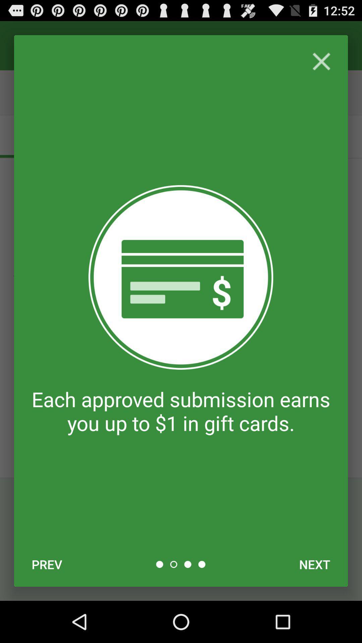 This screenshot has height=643, width=362. What do you see at coordinates (314, 564) in the screenshot?
I see `the item below the each approved submission icon` at bounding box center [314, 564].